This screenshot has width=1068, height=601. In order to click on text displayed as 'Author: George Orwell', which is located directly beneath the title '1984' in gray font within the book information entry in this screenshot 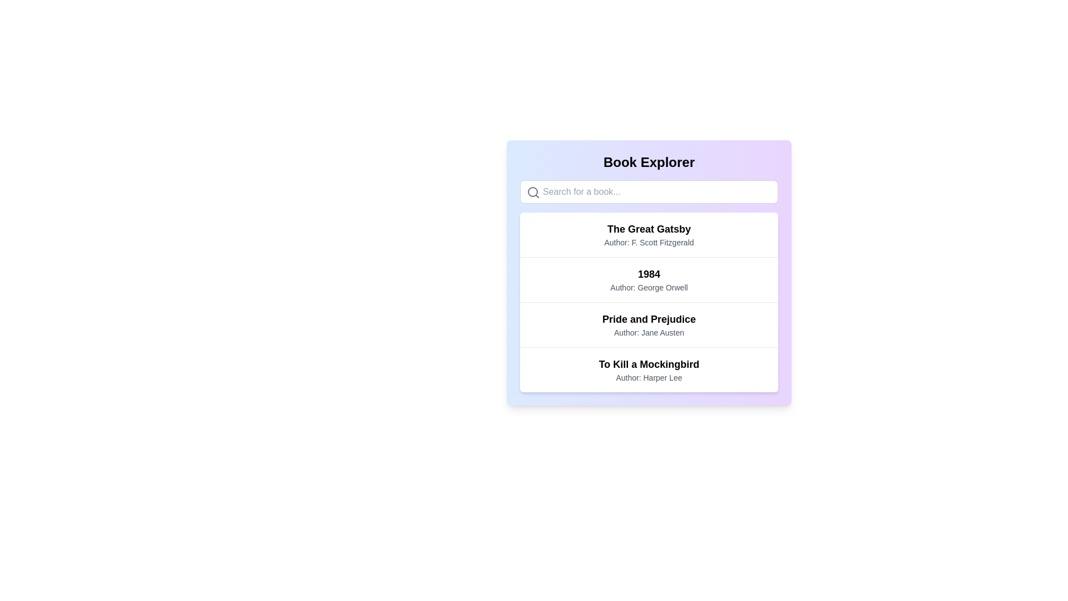, I will do `click(649, 287)`.